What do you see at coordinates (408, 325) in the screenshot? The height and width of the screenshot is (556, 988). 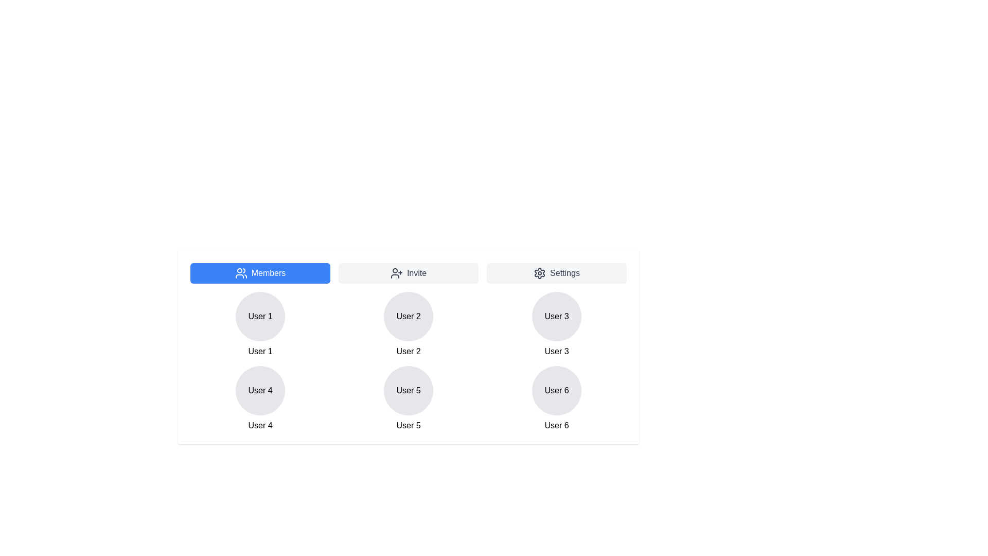 I see `visual identifier element labeled 'User 2', which features a circular gray icon above the text, located in the second position of the top row within the grid structure` at bounding box center [408, 325].